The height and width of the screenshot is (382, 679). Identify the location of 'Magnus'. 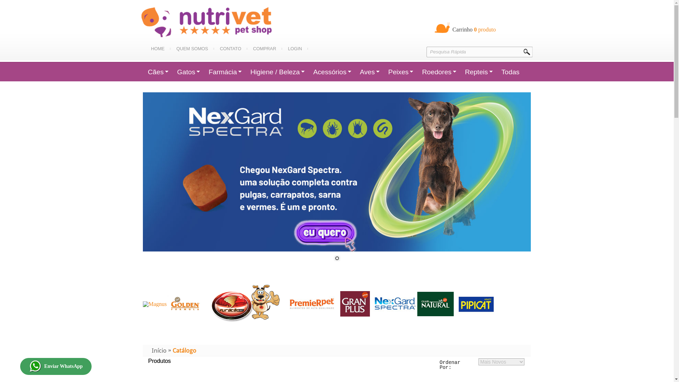
(154, 304).